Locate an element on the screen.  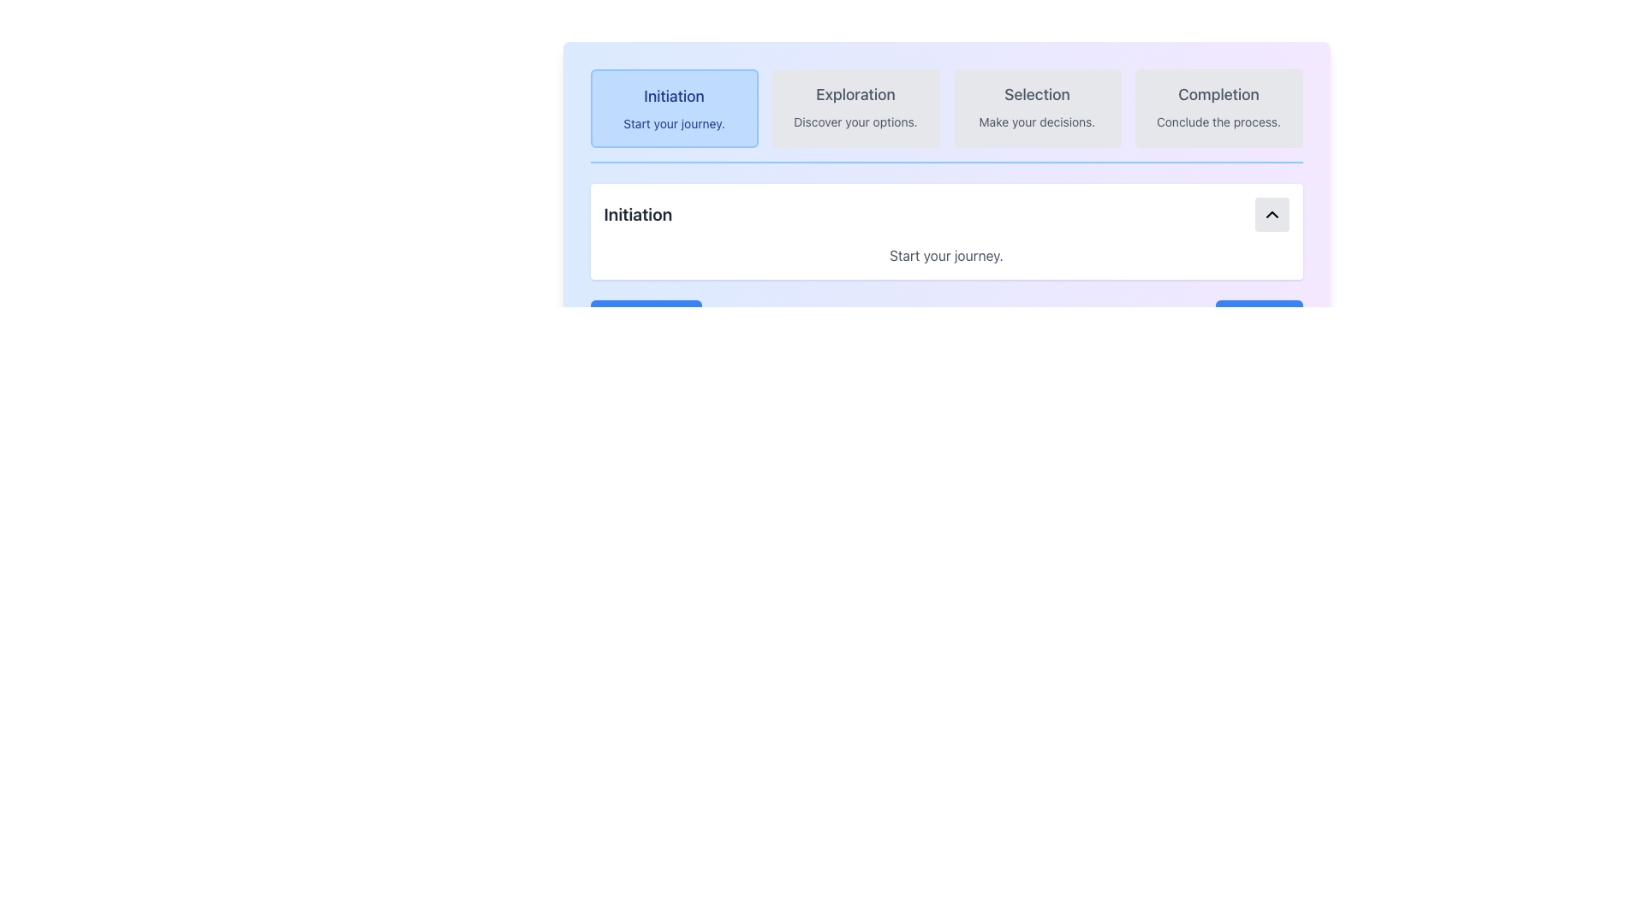
the text label containing the phrase 'Start your journey.' which is located below the 'Initiation' title within a rectangular blue card in the navigation bar is located at coordinates (673, 123).